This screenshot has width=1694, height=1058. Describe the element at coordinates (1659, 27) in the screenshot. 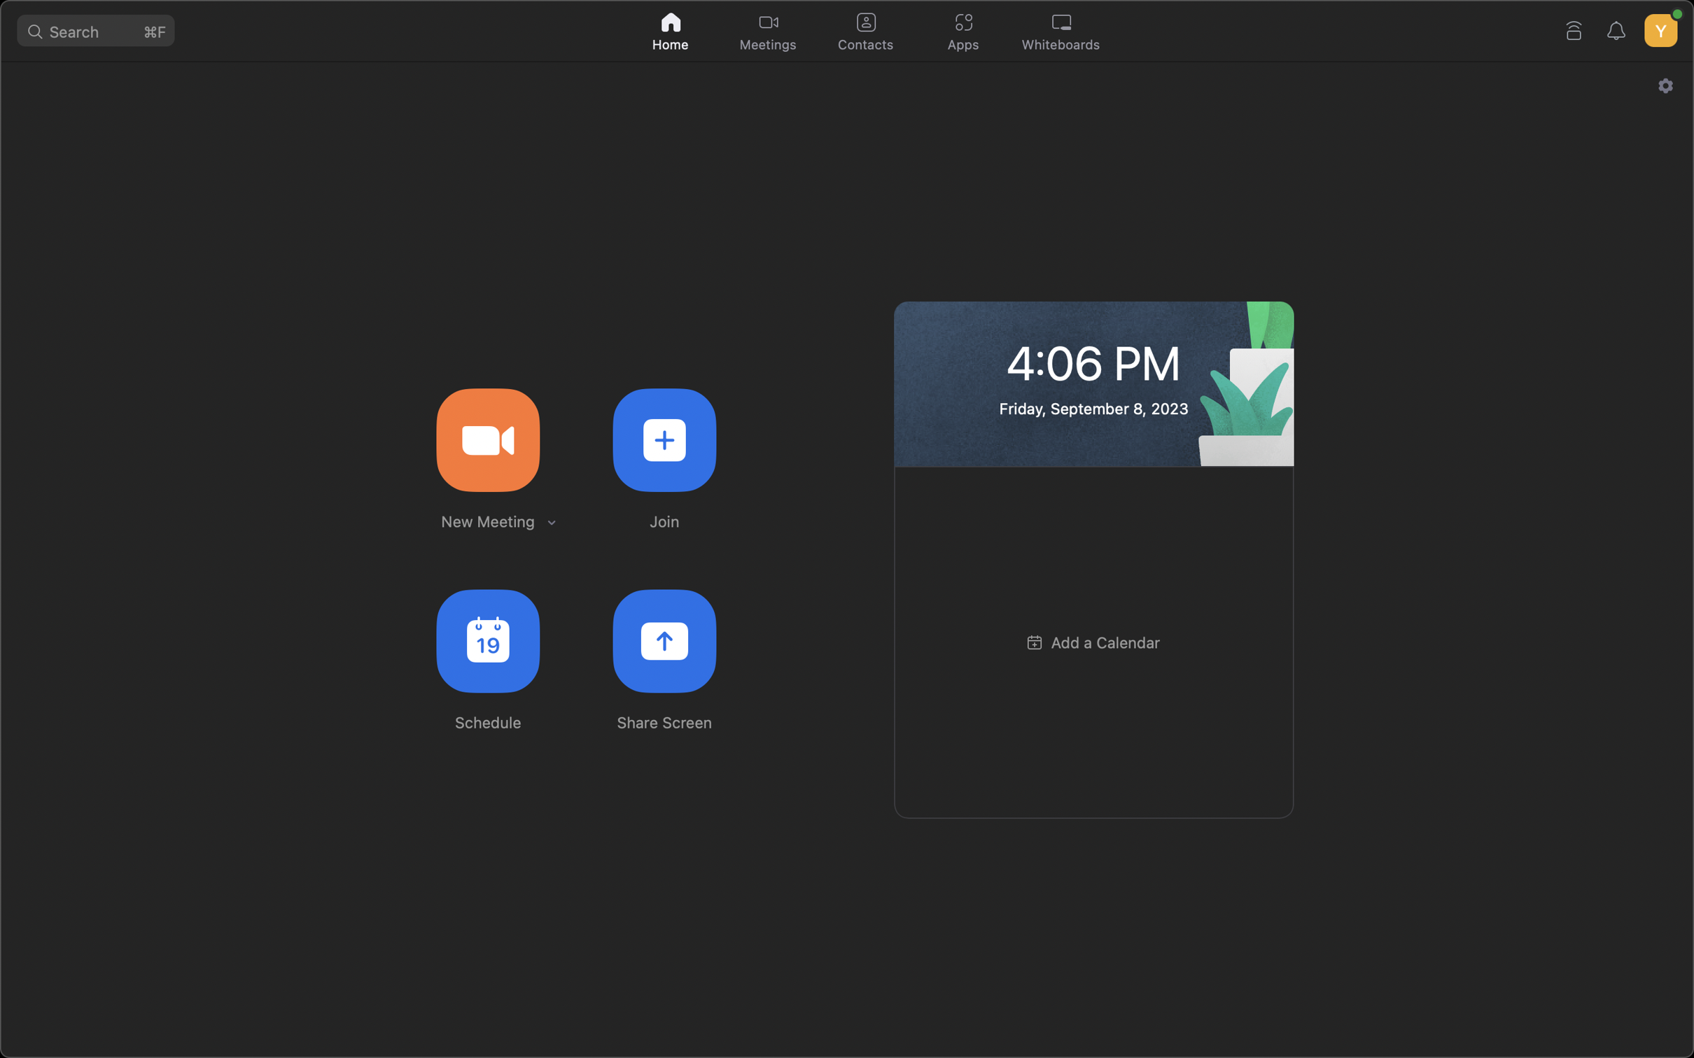

I see `the account icon to access your account settings` at that location.